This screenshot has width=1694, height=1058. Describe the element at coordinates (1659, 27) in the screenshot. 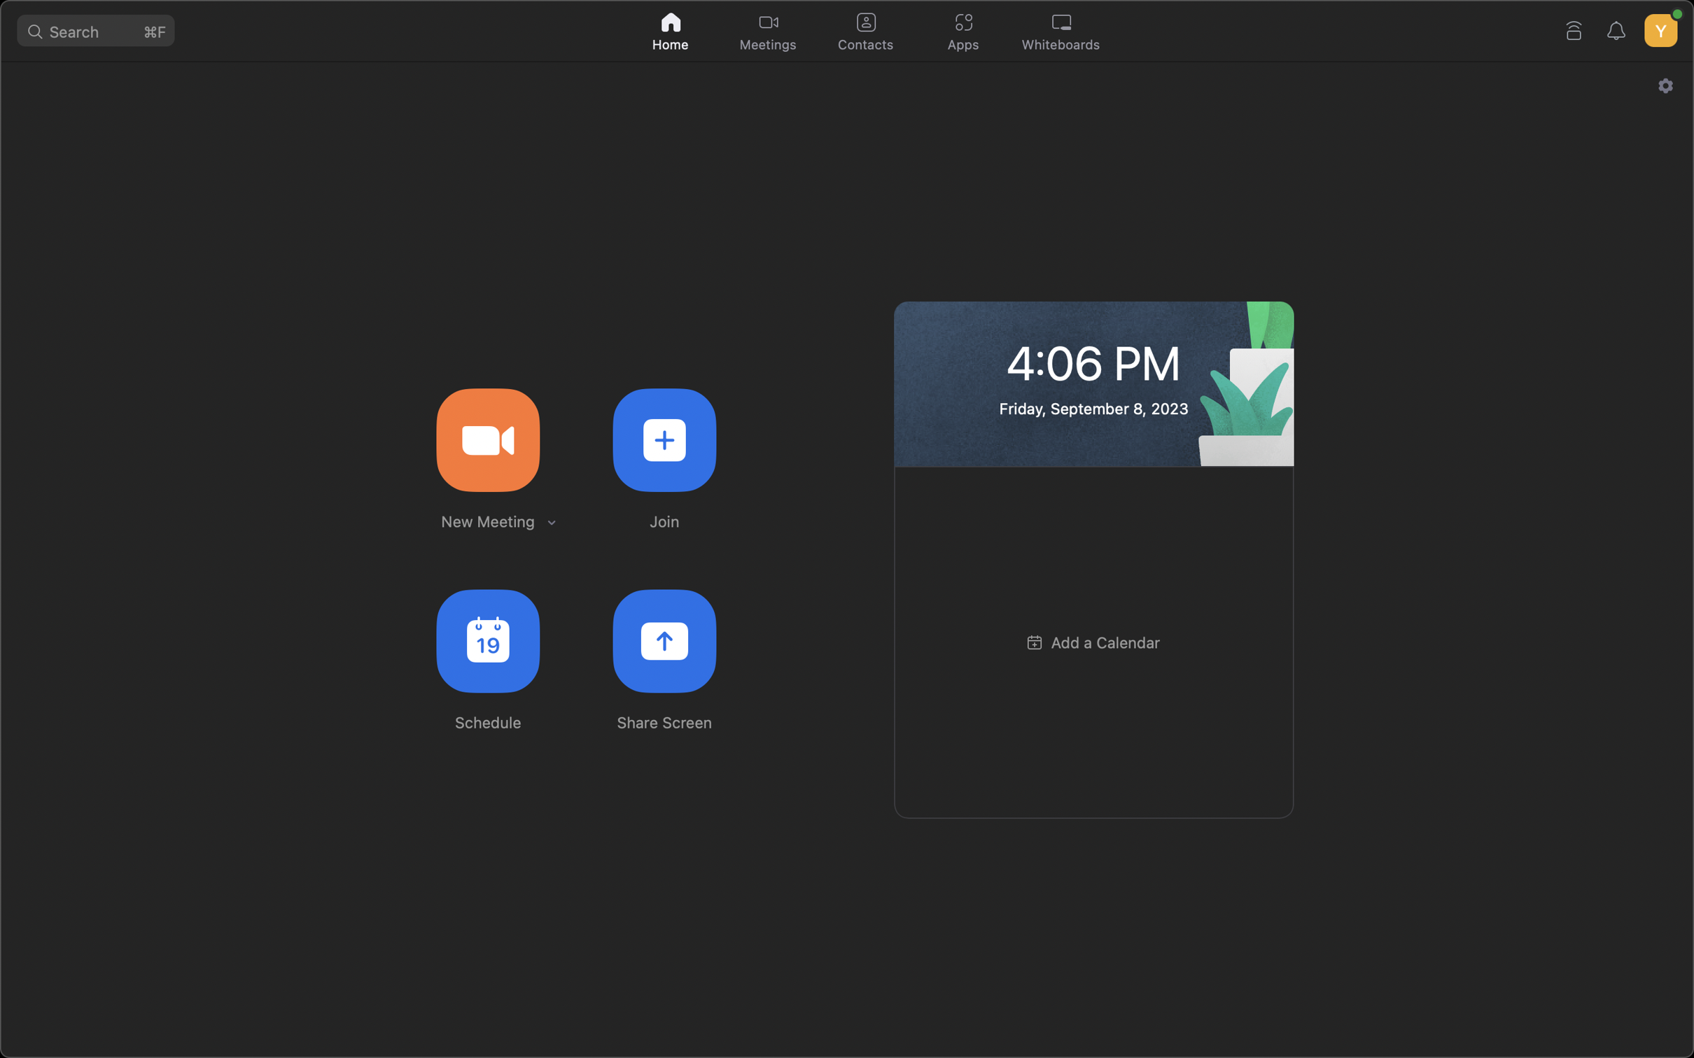

I see `the account icon to access your account settings` at that location.